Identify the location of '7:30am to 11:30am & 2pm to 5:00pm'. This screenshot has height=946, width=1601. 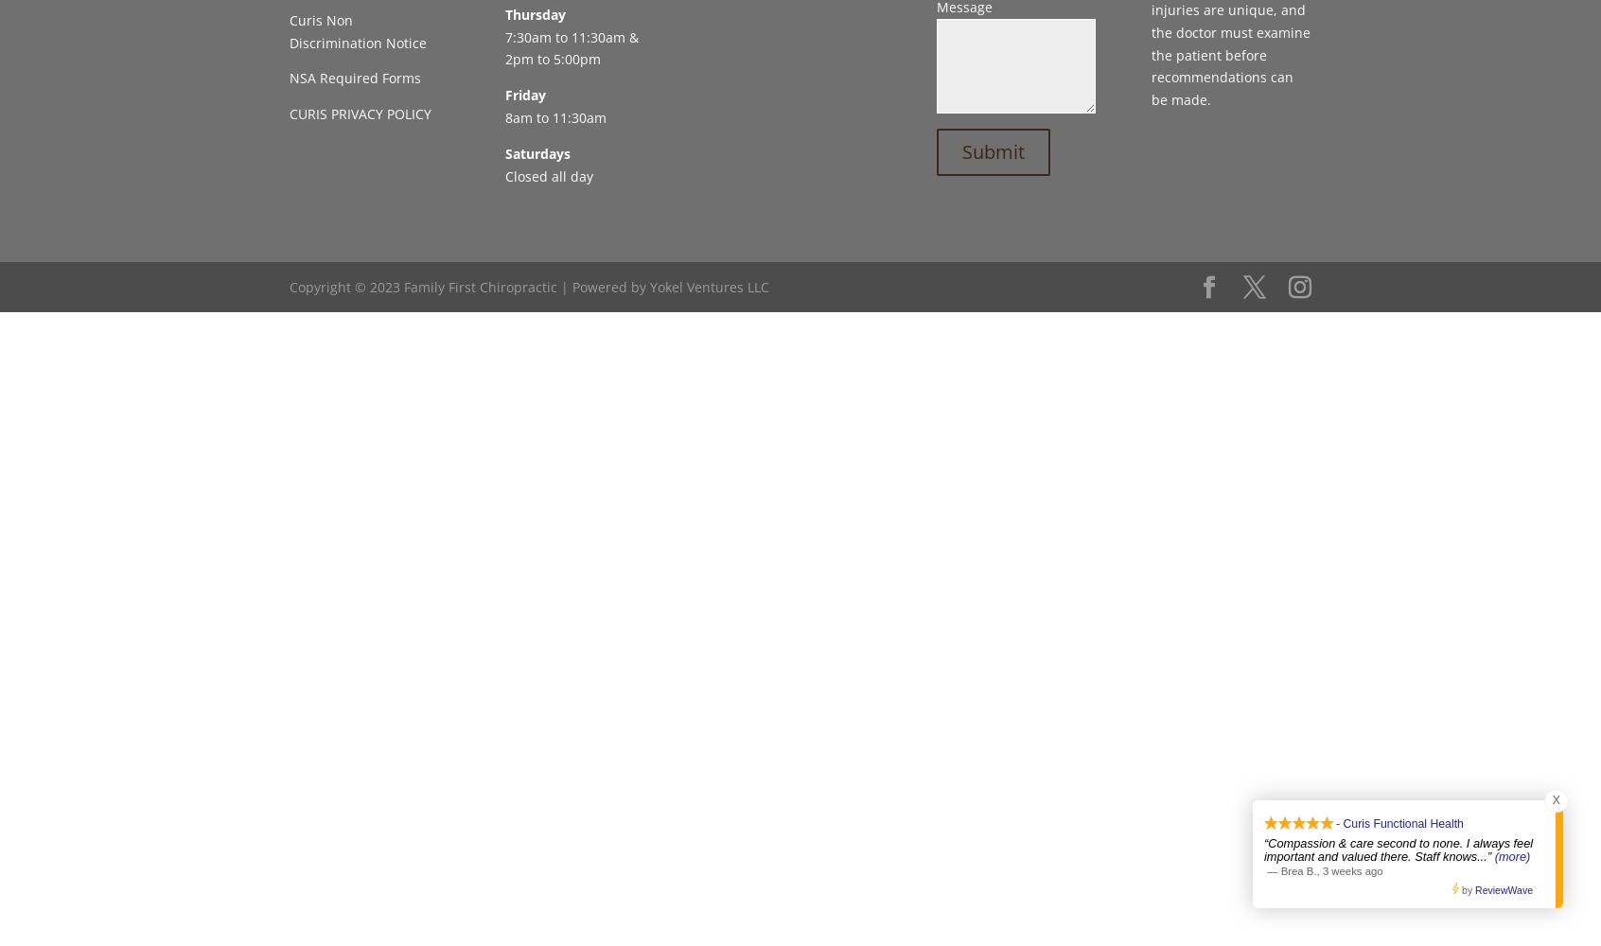
(570, 47).